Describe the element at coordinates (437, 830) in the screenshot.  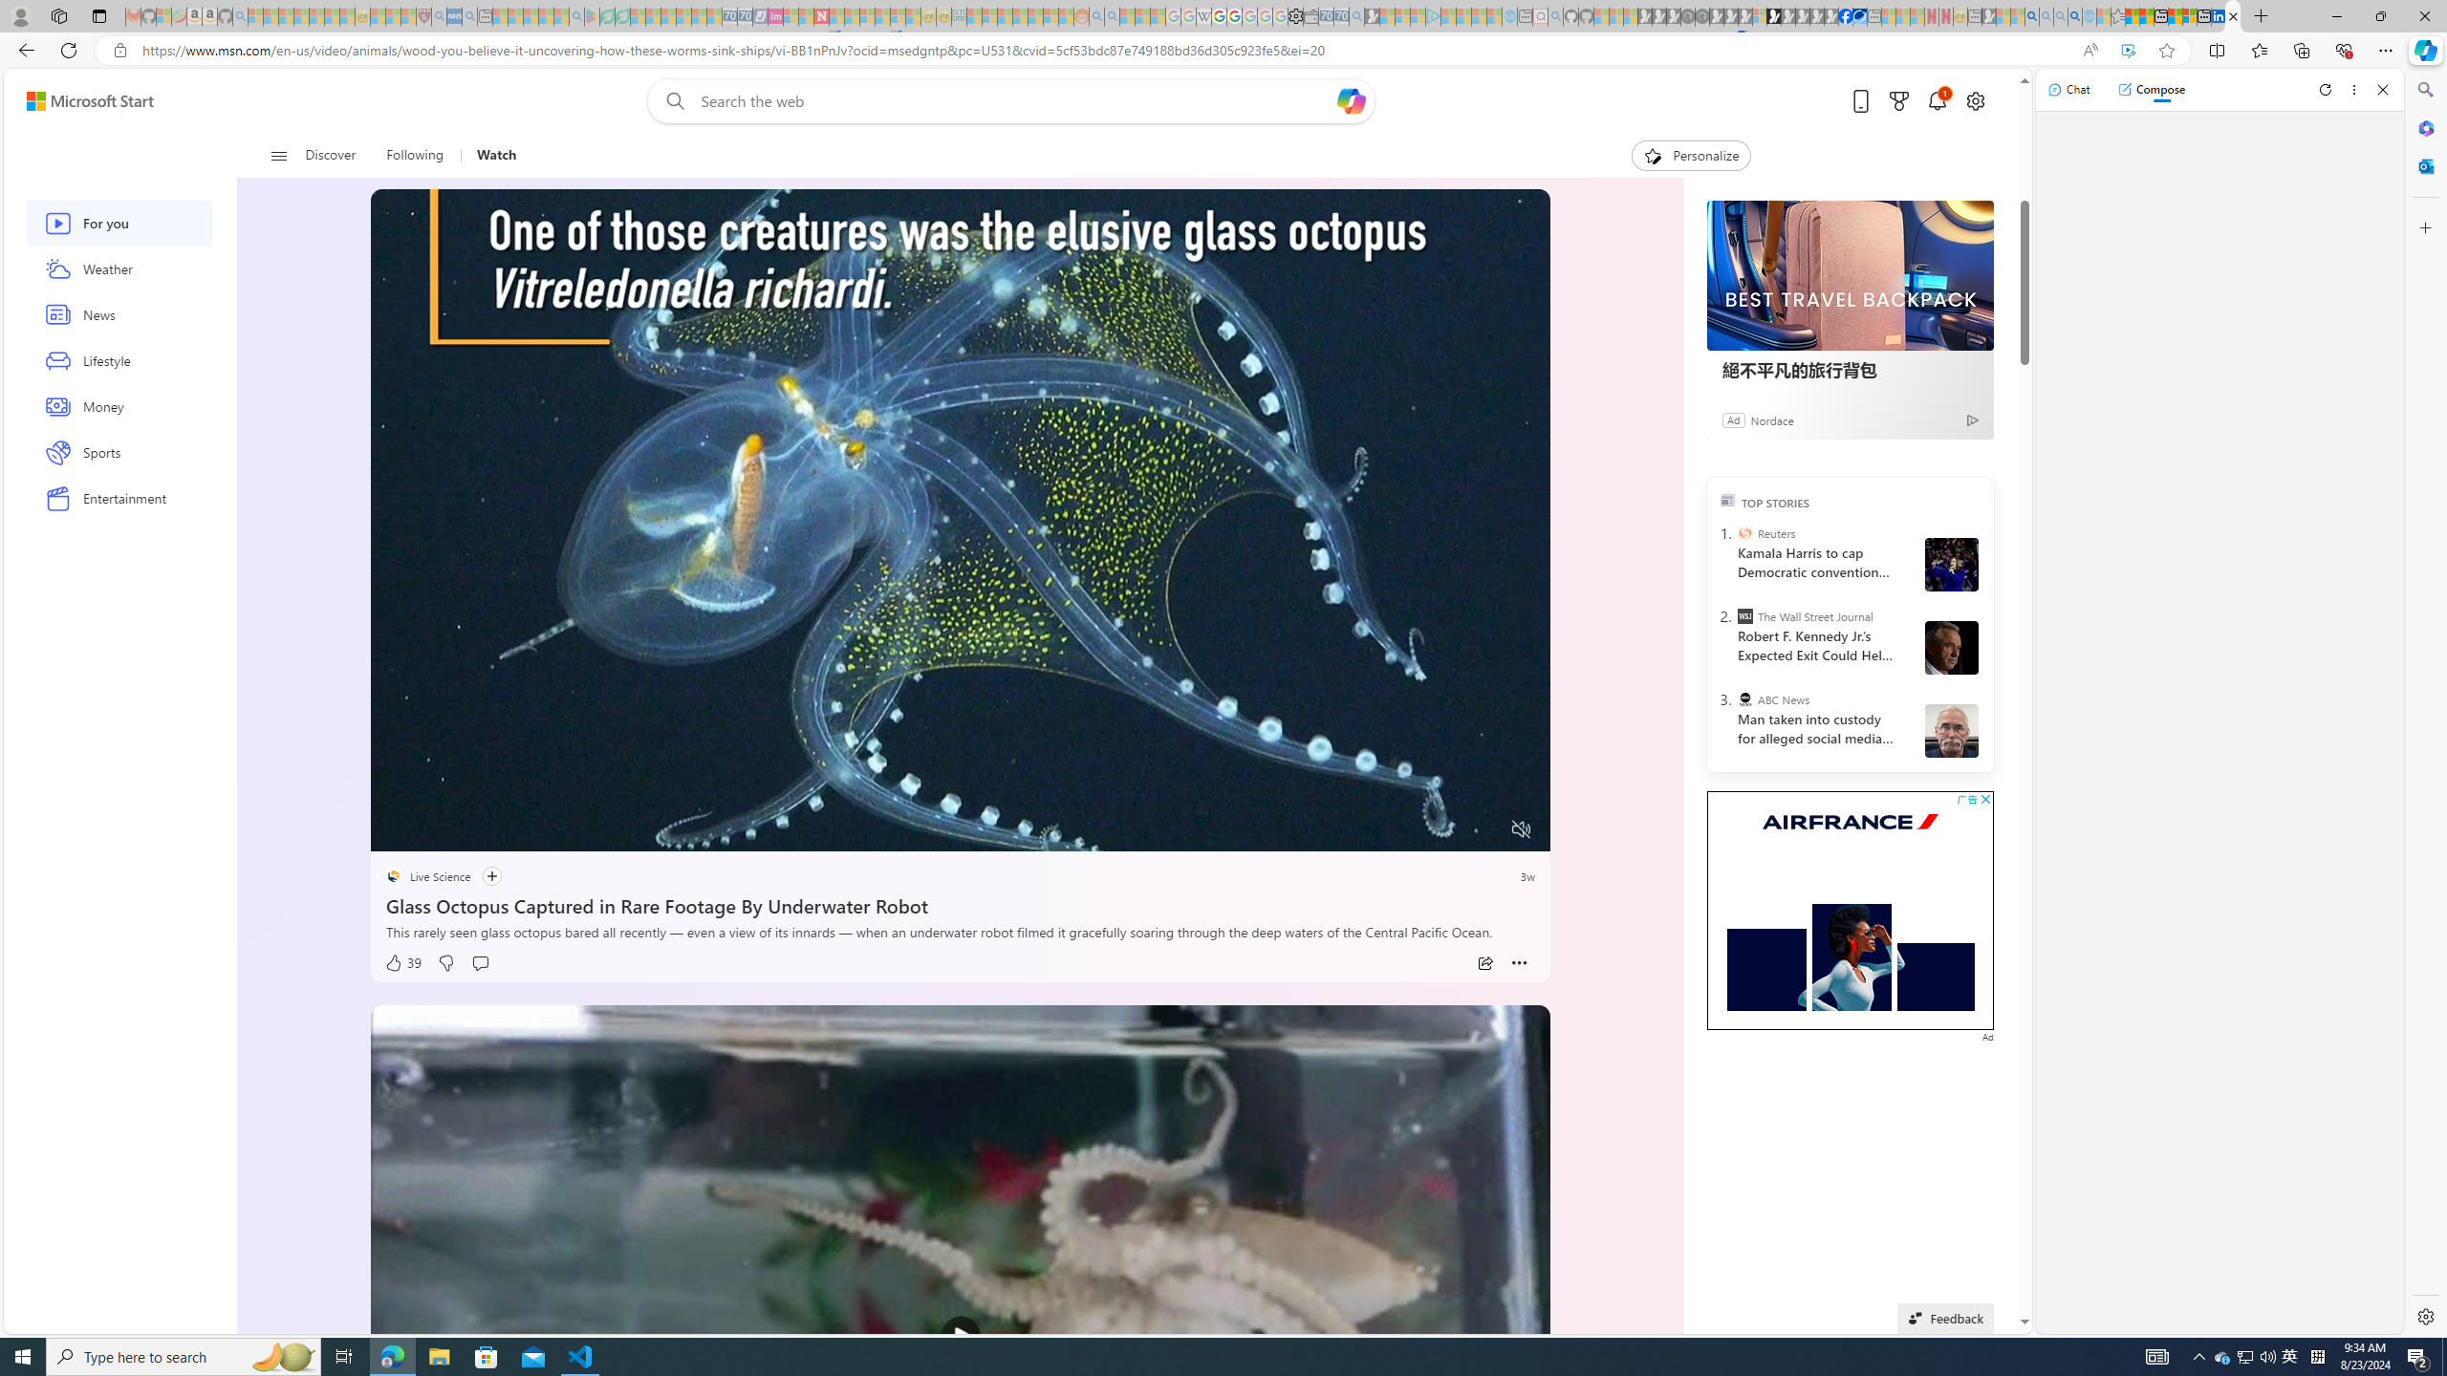
I see `'Seek Back'` at that location.